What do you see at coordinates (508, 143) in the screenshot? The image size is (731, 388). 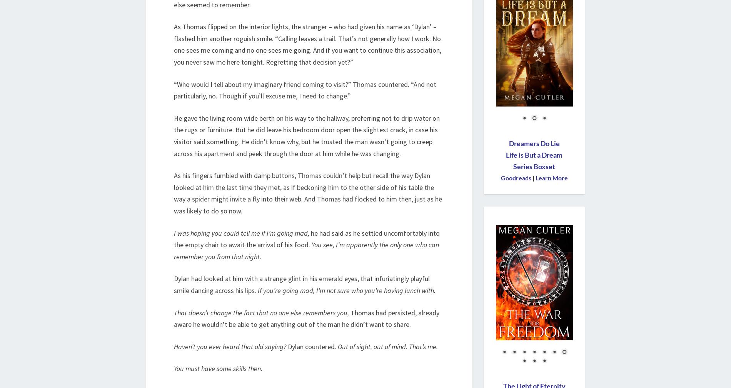 I see `'Dreamers Do Lie'` at bounding box center [508, 143].